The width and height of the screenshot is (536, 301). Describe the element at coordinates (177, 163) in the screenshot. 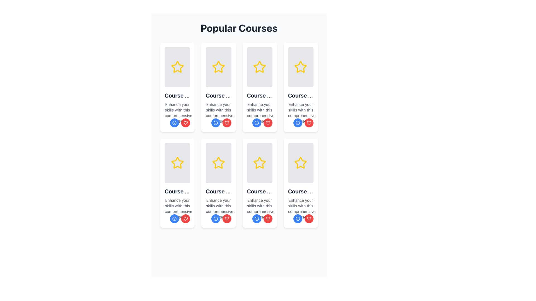

I see `the yellow outlined star icon located at the top-center of the second row and second column card within a 2x4 grid` at that location.